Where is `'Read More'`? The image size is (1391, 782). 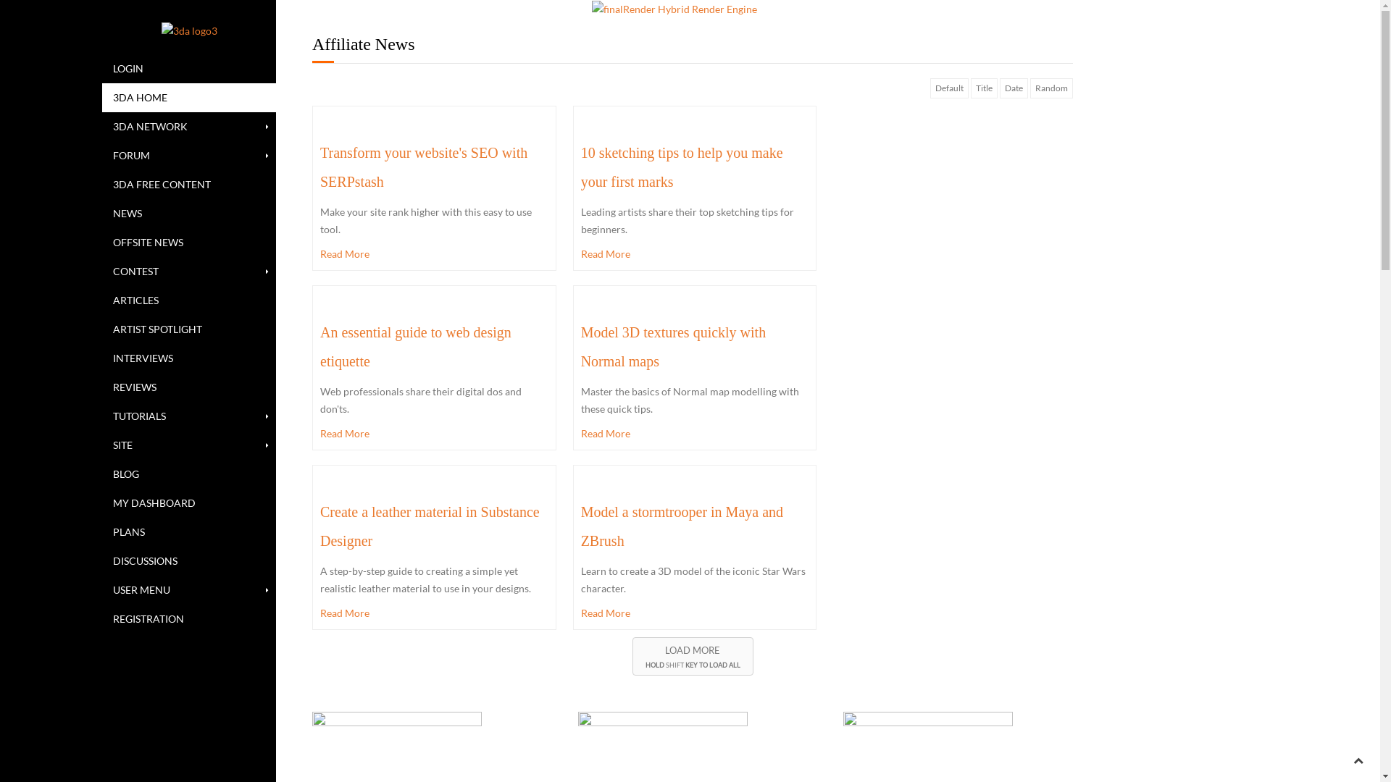
'Read More' is located at coordinates (694, 253).